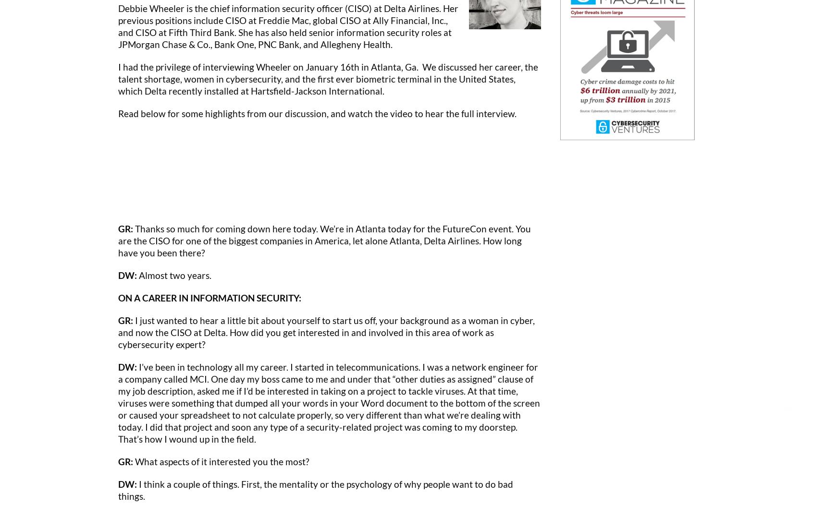  I want to click on 'ON A CAREER IN INFORMATION SECURITY:', so click(118, 297).